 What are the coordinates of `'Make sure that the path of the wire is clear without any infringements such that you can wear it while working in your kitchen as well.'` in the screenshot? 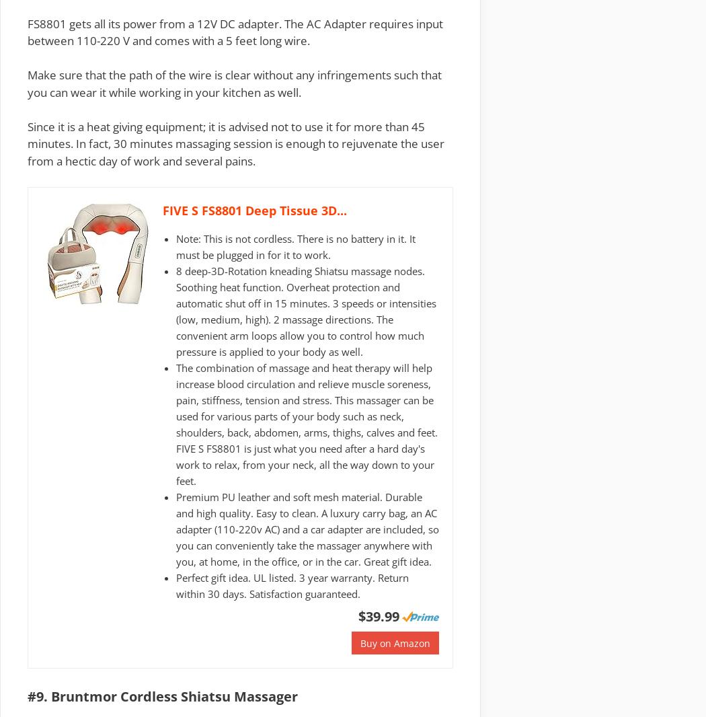 It's located at (234, 82).